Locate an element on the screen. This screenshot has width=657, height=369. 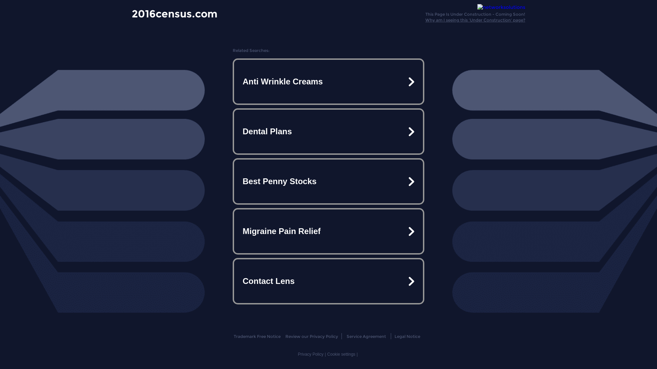
'Review our Privacy Policy' is located at coordinates (311, 336).